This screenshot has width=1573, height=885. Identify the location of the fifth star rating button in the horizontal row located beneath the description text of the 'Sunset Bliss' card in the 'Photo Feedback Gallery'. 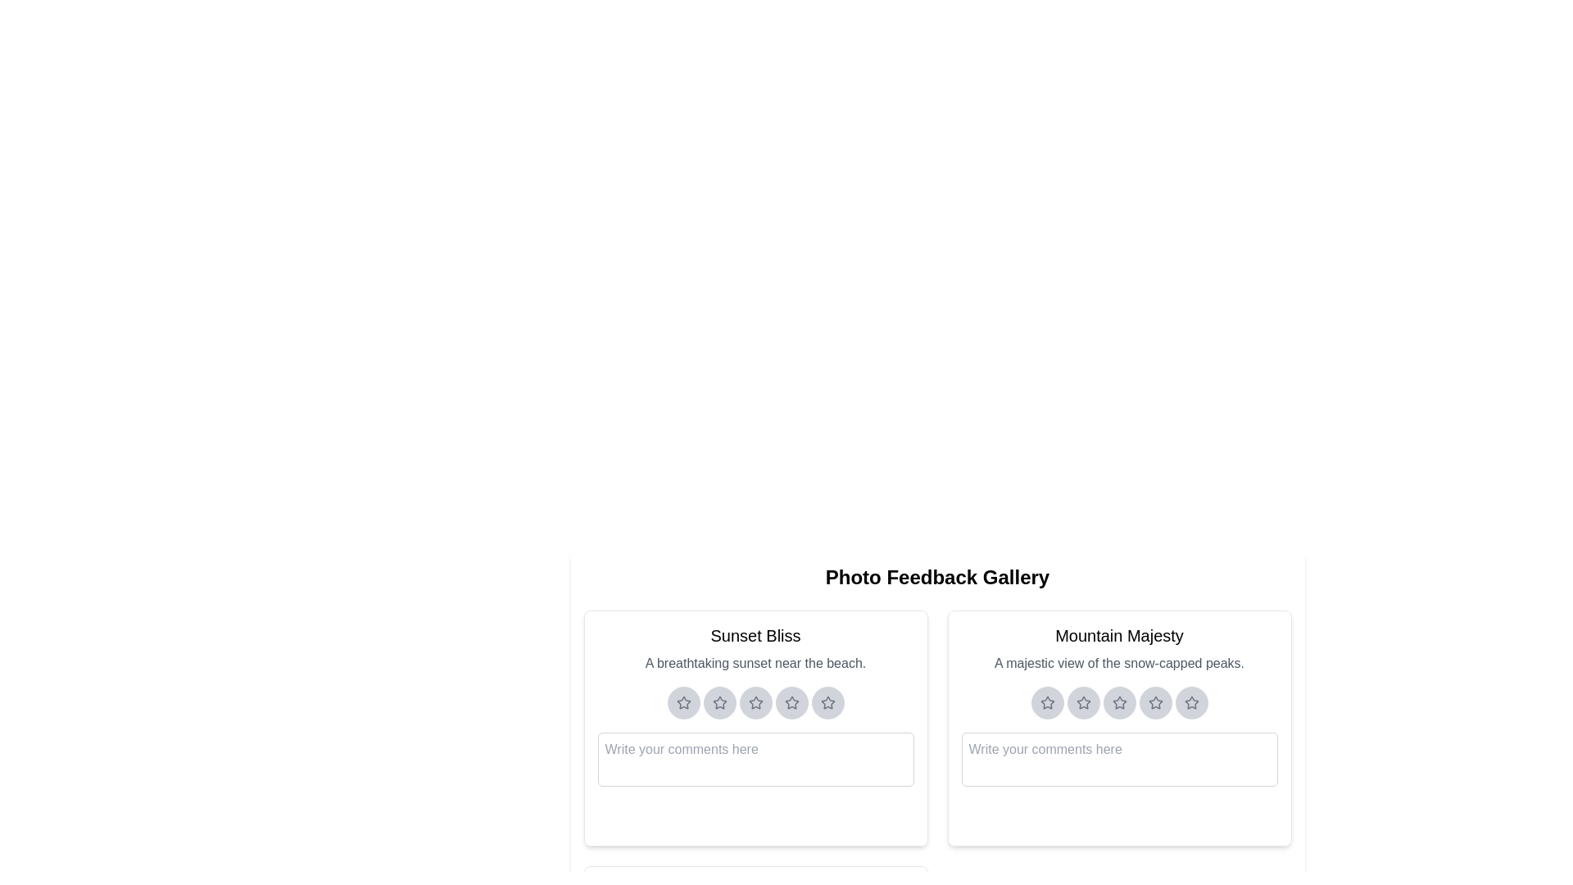
(827, 701).